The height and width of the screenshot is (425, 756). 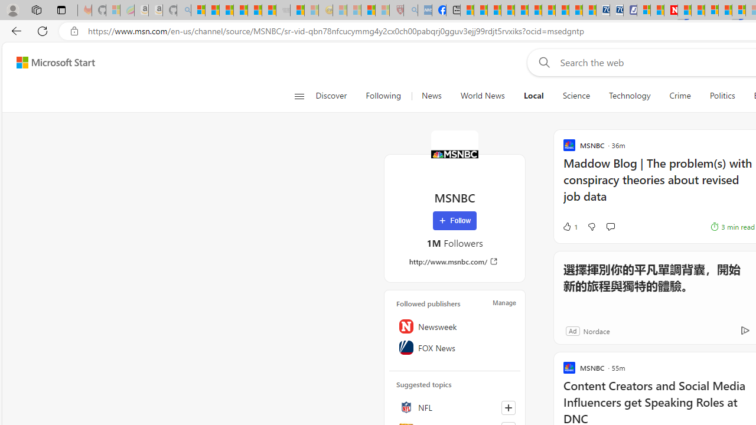 What do you see at coordinates (615, 10) in the screenshot?
I see `'Cheap Hotels - Save70.com'` at bounding box center [615, 10].